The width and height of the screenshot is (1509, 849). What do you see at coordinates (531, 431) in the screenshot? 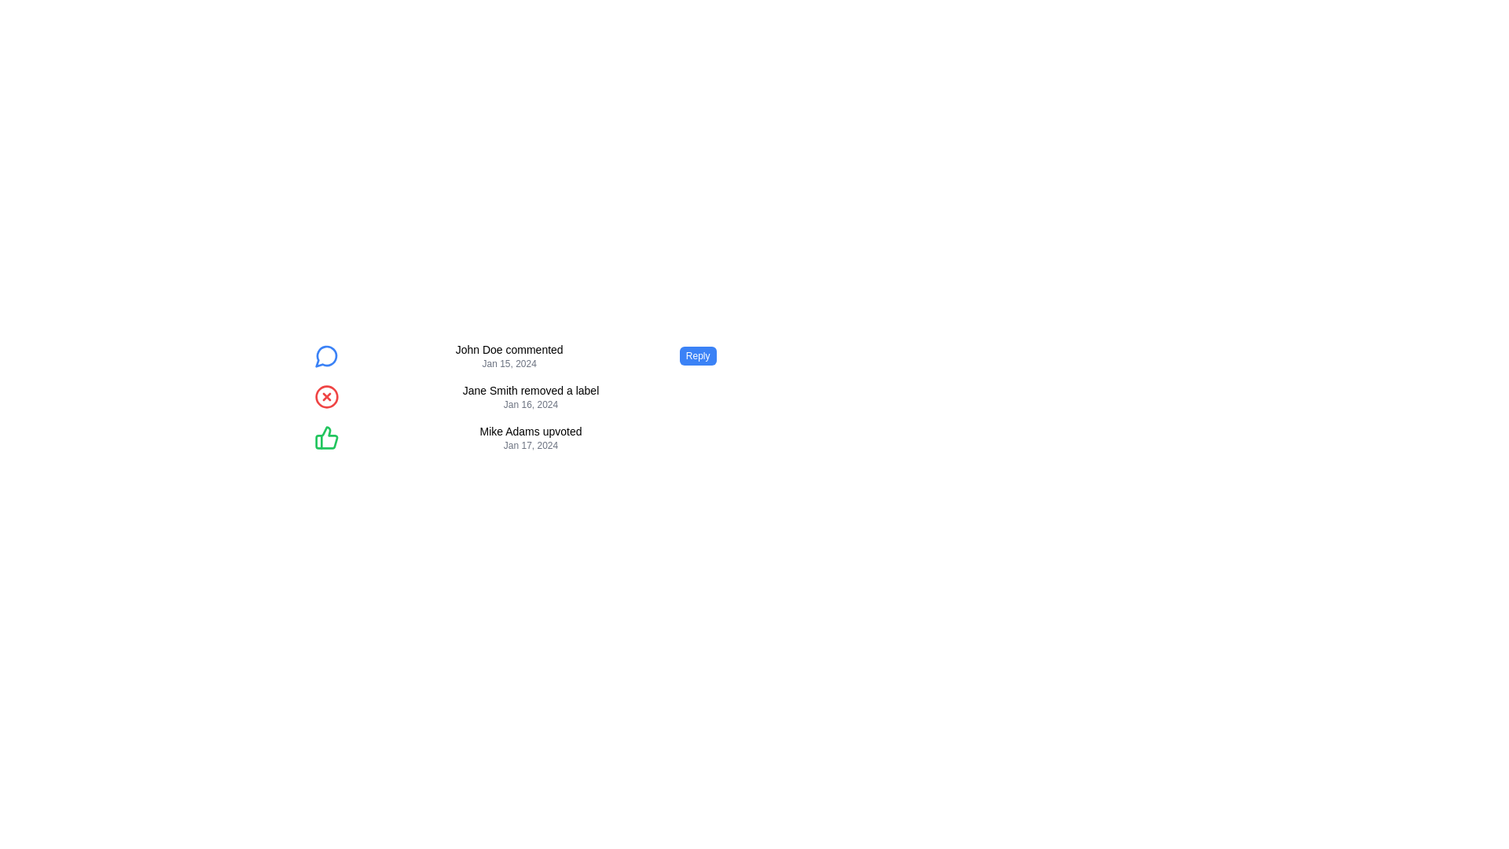
I see `the static text display that notifies that 'Mike Adams' performed an upvote, which is the third action in a vertical list of events` at bounding box center [531, 431].